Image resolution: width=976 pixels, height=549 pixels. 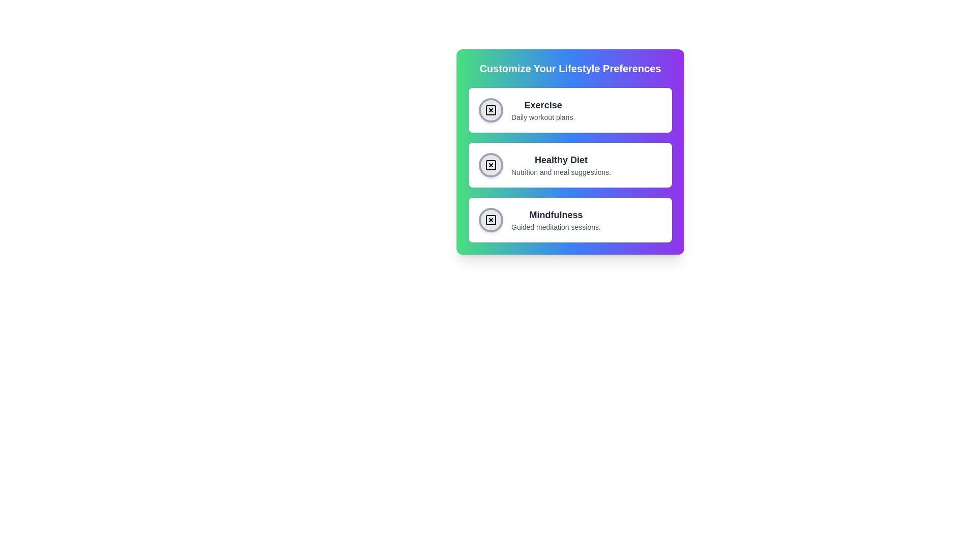 I want to click on the 'Exercise' card, which has a white background and rounded corners, so click(x=570, y=110).